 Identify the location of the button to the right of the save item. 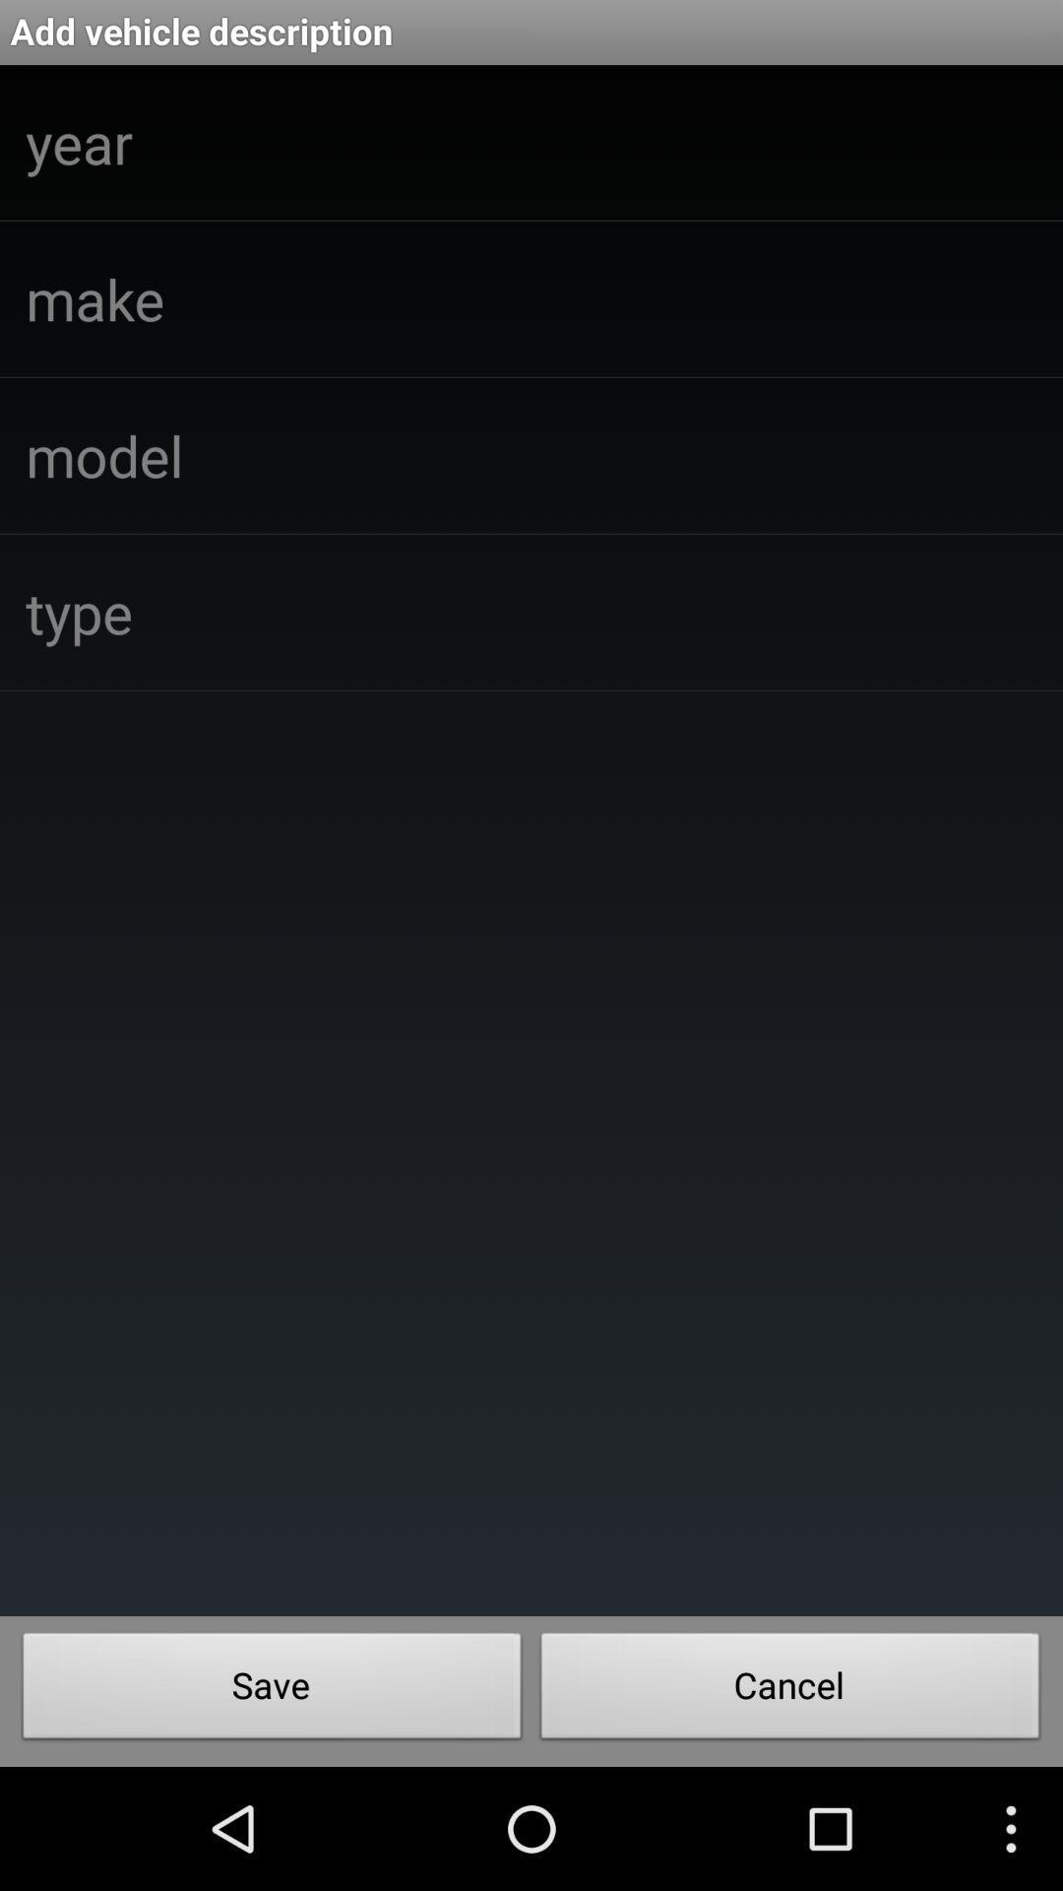
(789, 1690).